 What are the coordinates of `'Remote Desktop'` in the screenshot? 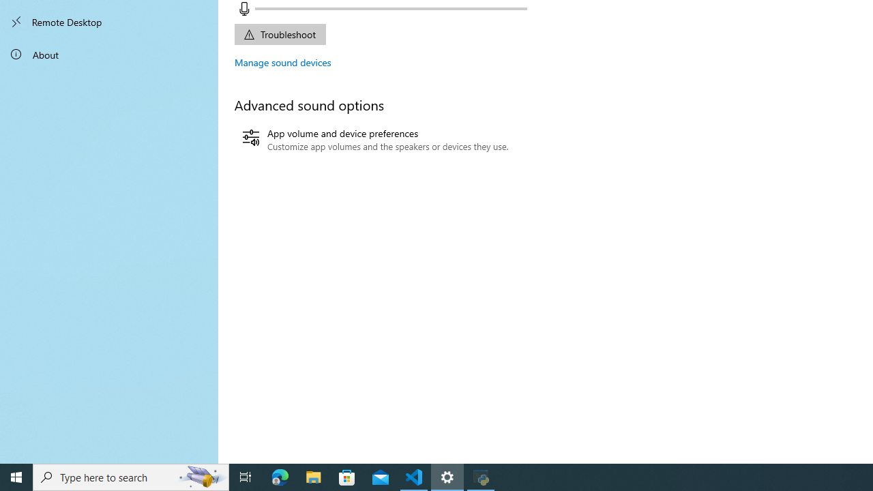 It's located at (109, 22).